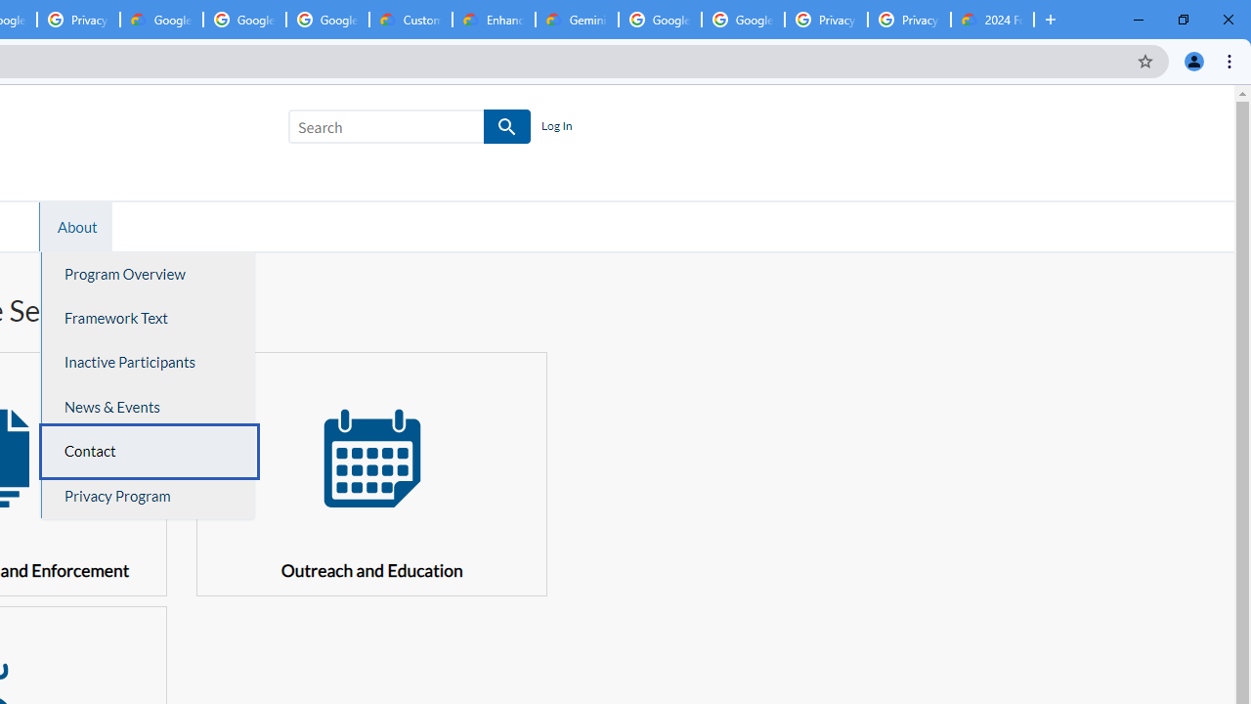  I want to click on 'Gemini for Business and Developers | Google Cloud', so click(576, 20).